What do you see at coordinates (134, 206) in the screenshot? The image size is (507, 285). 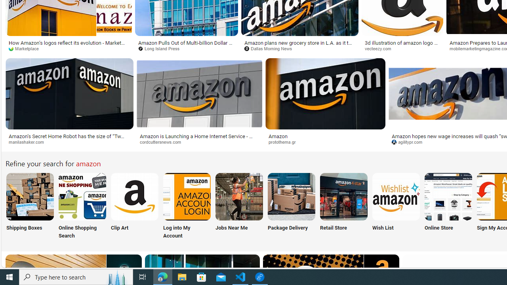 I see `'Amazon Clip Art Clip Art'` at bounding box center [134, 206].